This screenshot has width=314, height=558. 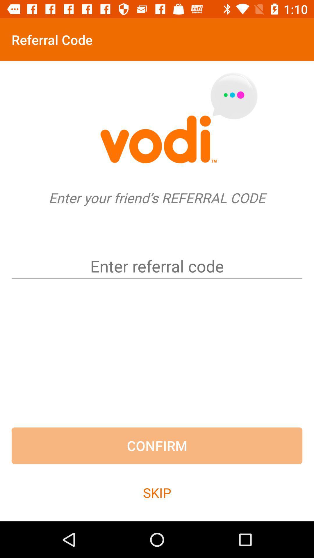 I want to click on icon below the confirm, so click(x=157, y=492).